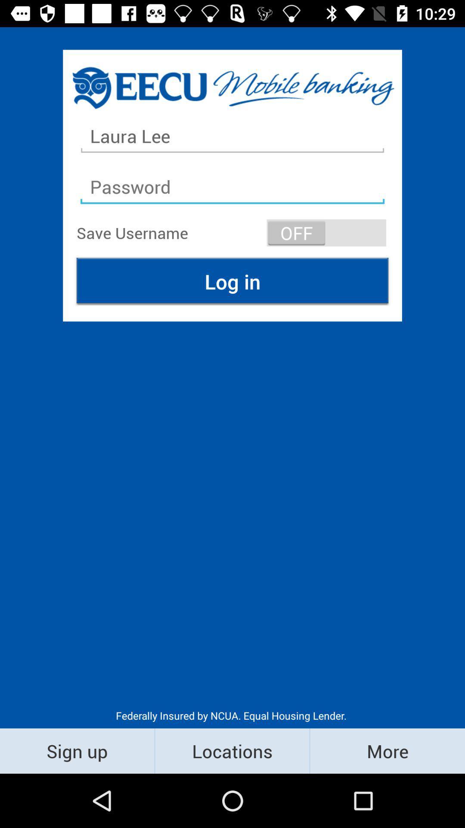  I want to click on item at the top right corner, so click(326, 232).